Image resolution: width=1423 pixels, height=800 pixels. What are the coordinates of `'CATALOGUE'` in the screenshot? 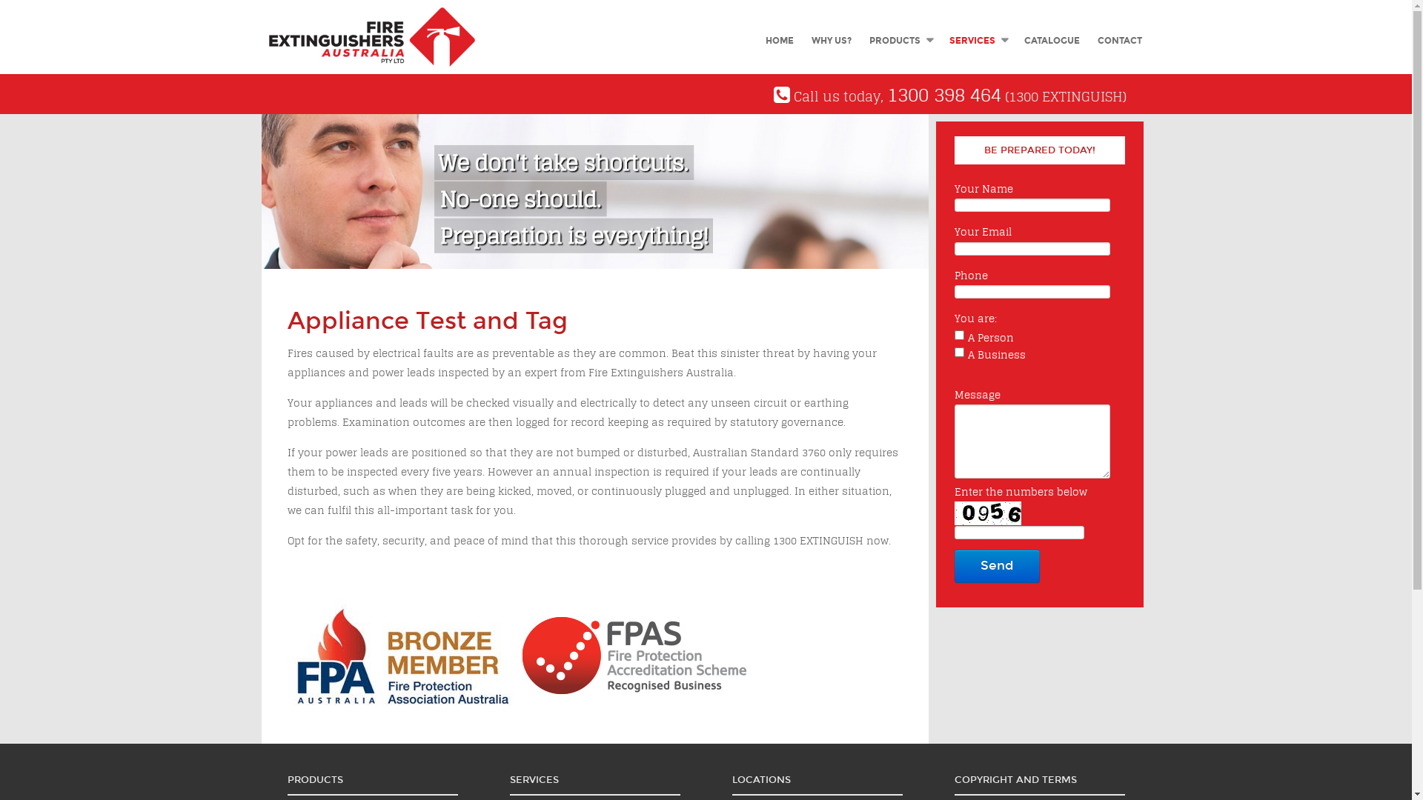 It's located at (1051, 39).